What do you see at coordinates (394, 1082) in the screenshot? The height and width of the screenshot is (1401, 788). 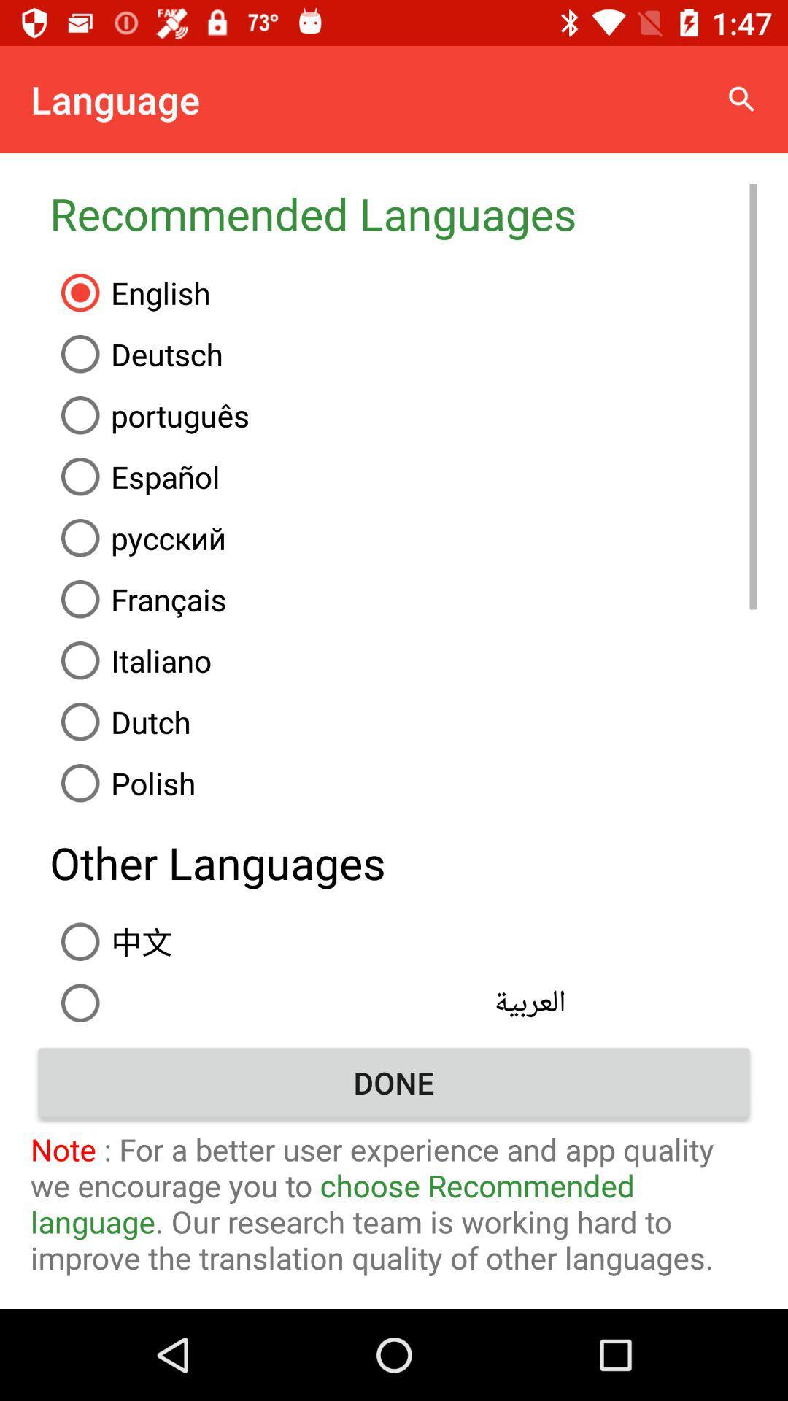 I see `item above note for a` at bounding box center [394, 1082].